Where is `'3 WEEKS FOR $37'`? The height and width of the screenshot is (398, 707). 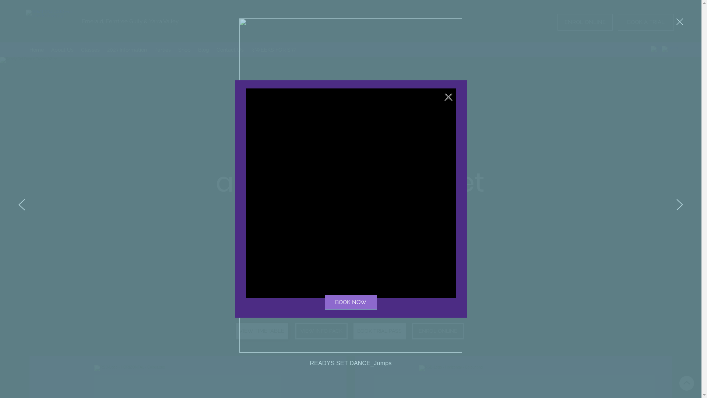 '3 WEEKS FOR $37' is located at coordinates (273, 50).